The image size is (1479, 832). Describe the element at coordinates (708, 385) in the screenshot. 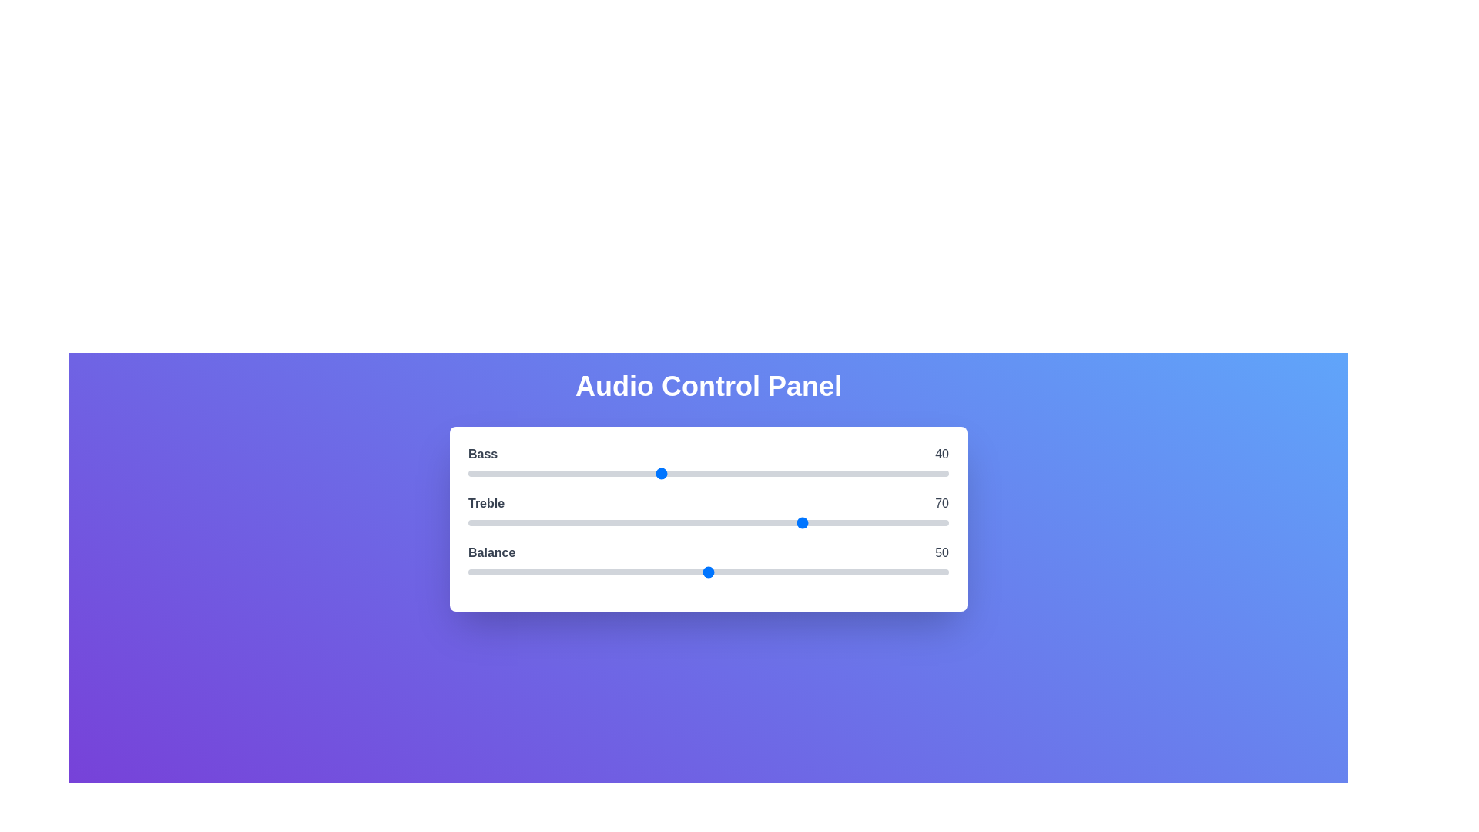

I see `the title text 'Audio Control Panel'` at that location.